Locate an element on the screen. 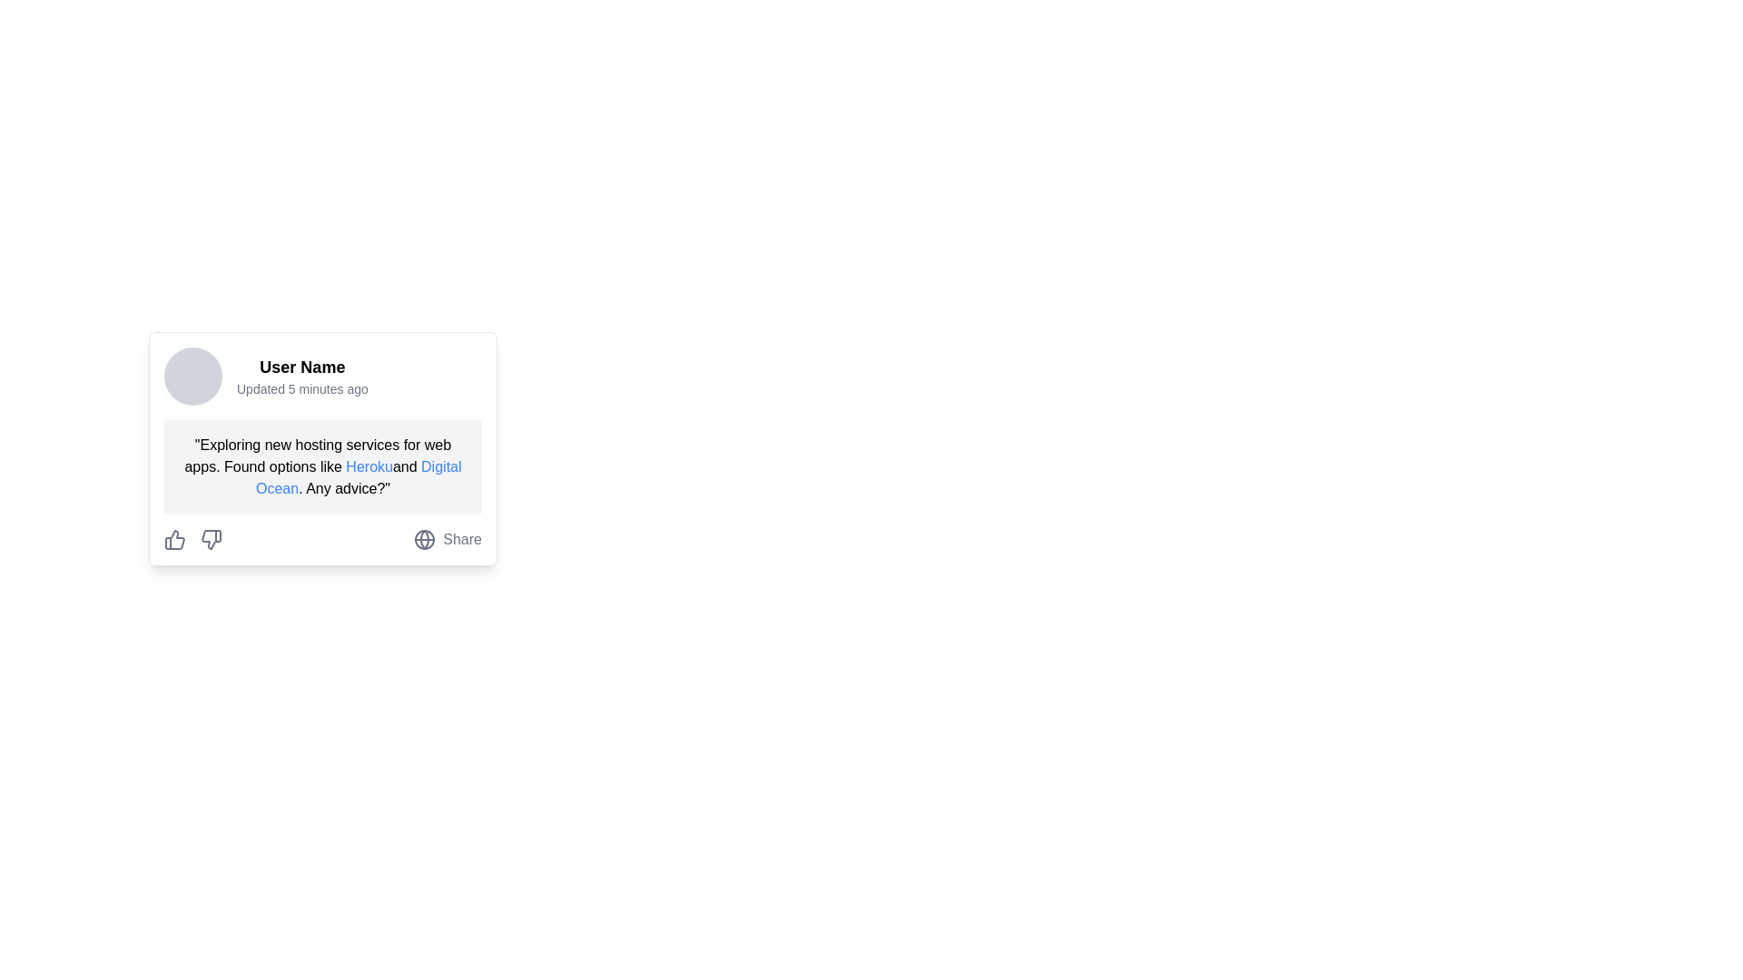 Image resolution: width=1743 pixels, height=980 pixels. the sharing icon located at the lower-right corner of the card, preceding the 'Share' label is located at coordinates (424, 538).